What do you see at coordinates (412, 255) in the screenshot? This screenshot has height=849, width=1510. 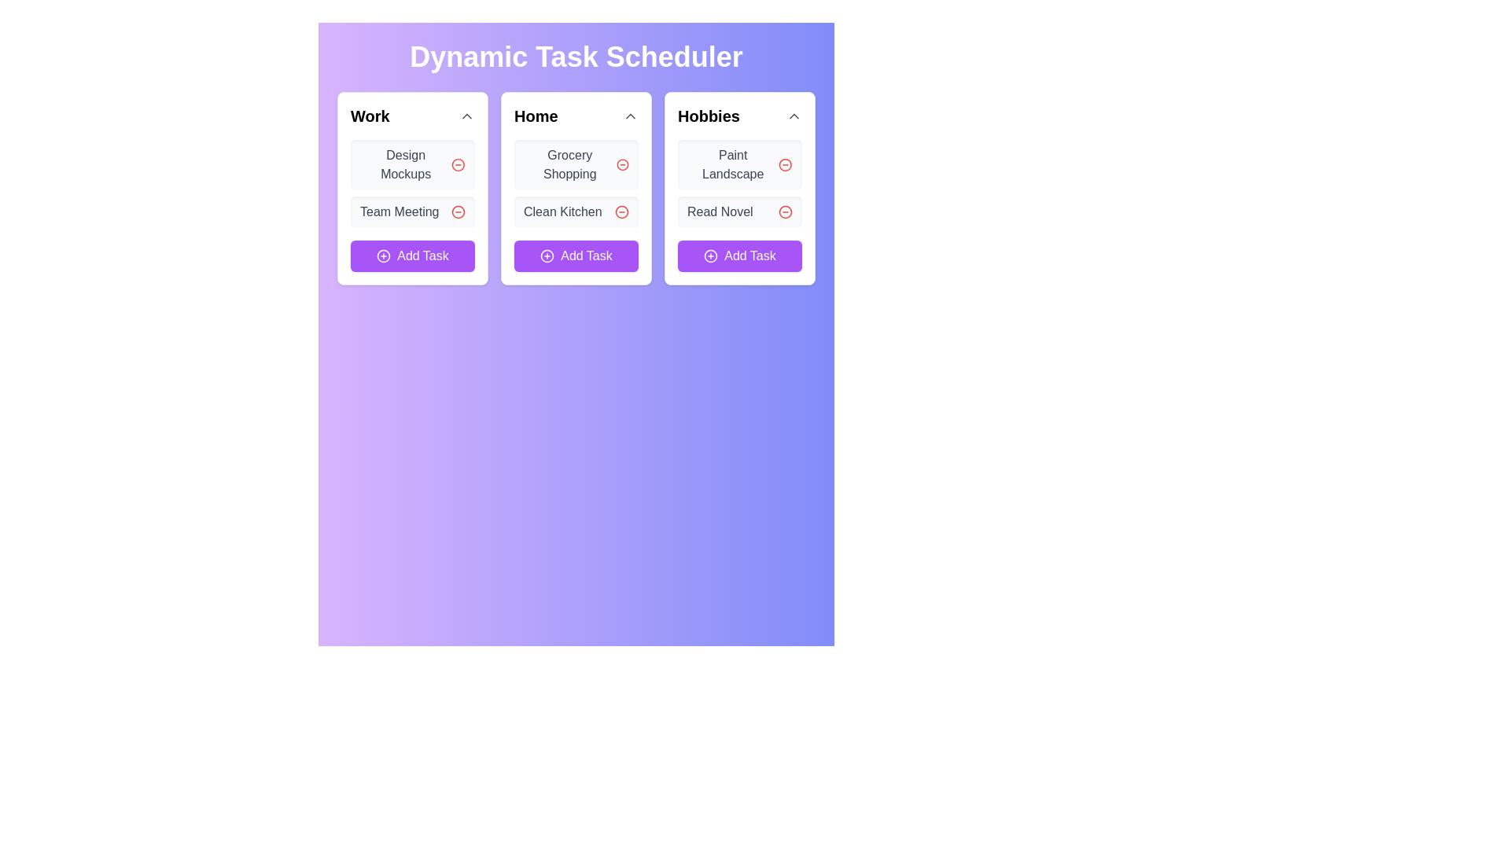 I see `the button located at the bottom of the 'Work' card` at bounding box center [412, 255].